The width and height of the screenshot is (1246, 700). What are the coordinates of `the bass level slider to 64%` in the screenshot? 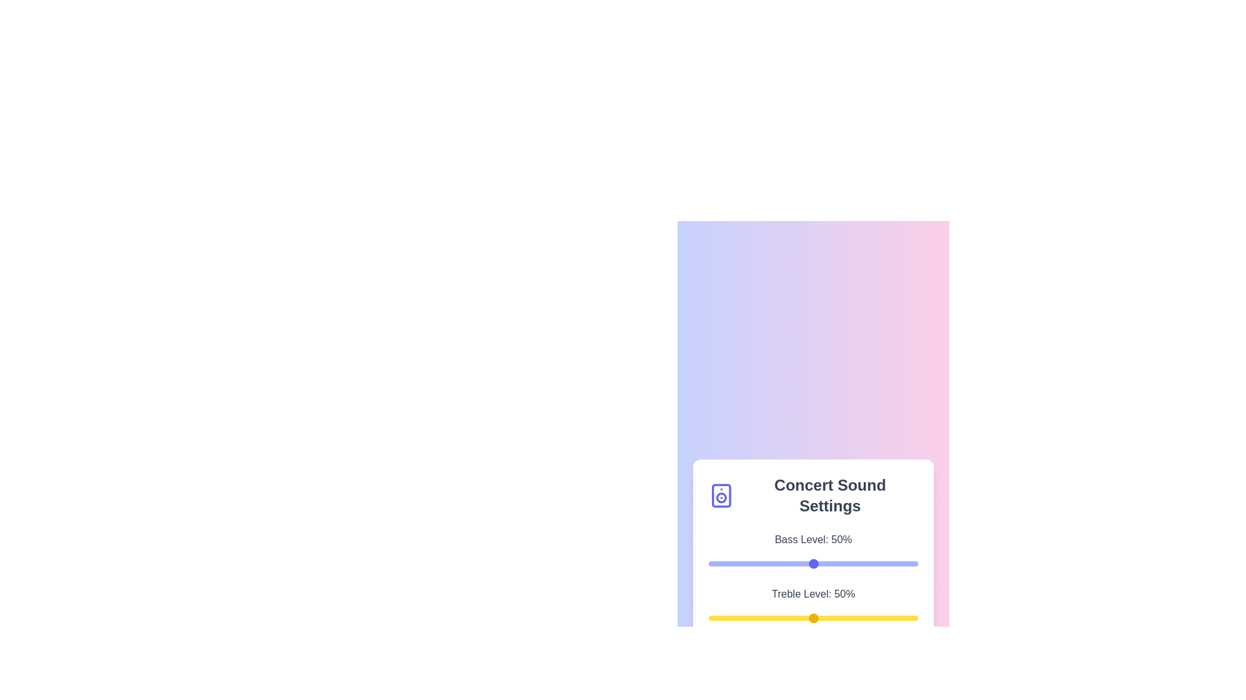 It's located at (842, 563).